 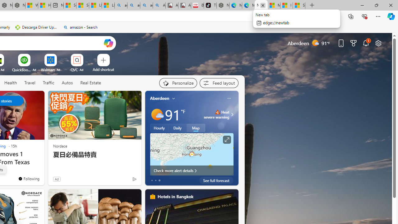 I want to click on 'Browser essentials', so click(x=364, y=16).